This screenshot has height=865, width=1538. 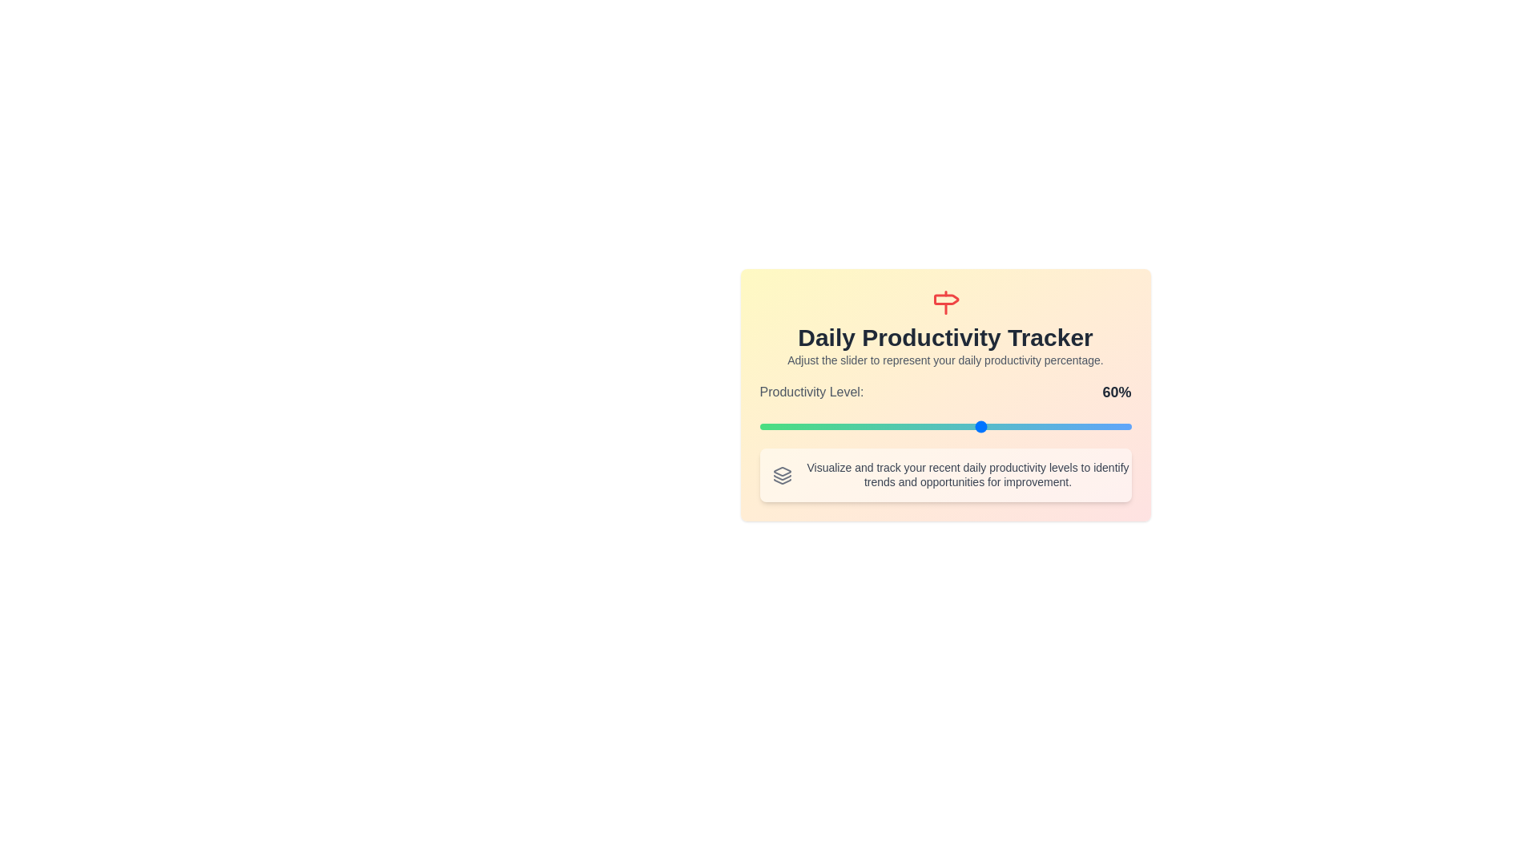 What do you see at coordinates (1004, 425) in the screenshot?
I see `the slider to set the productivity level to 66%` at bounding box center [1004, 425].